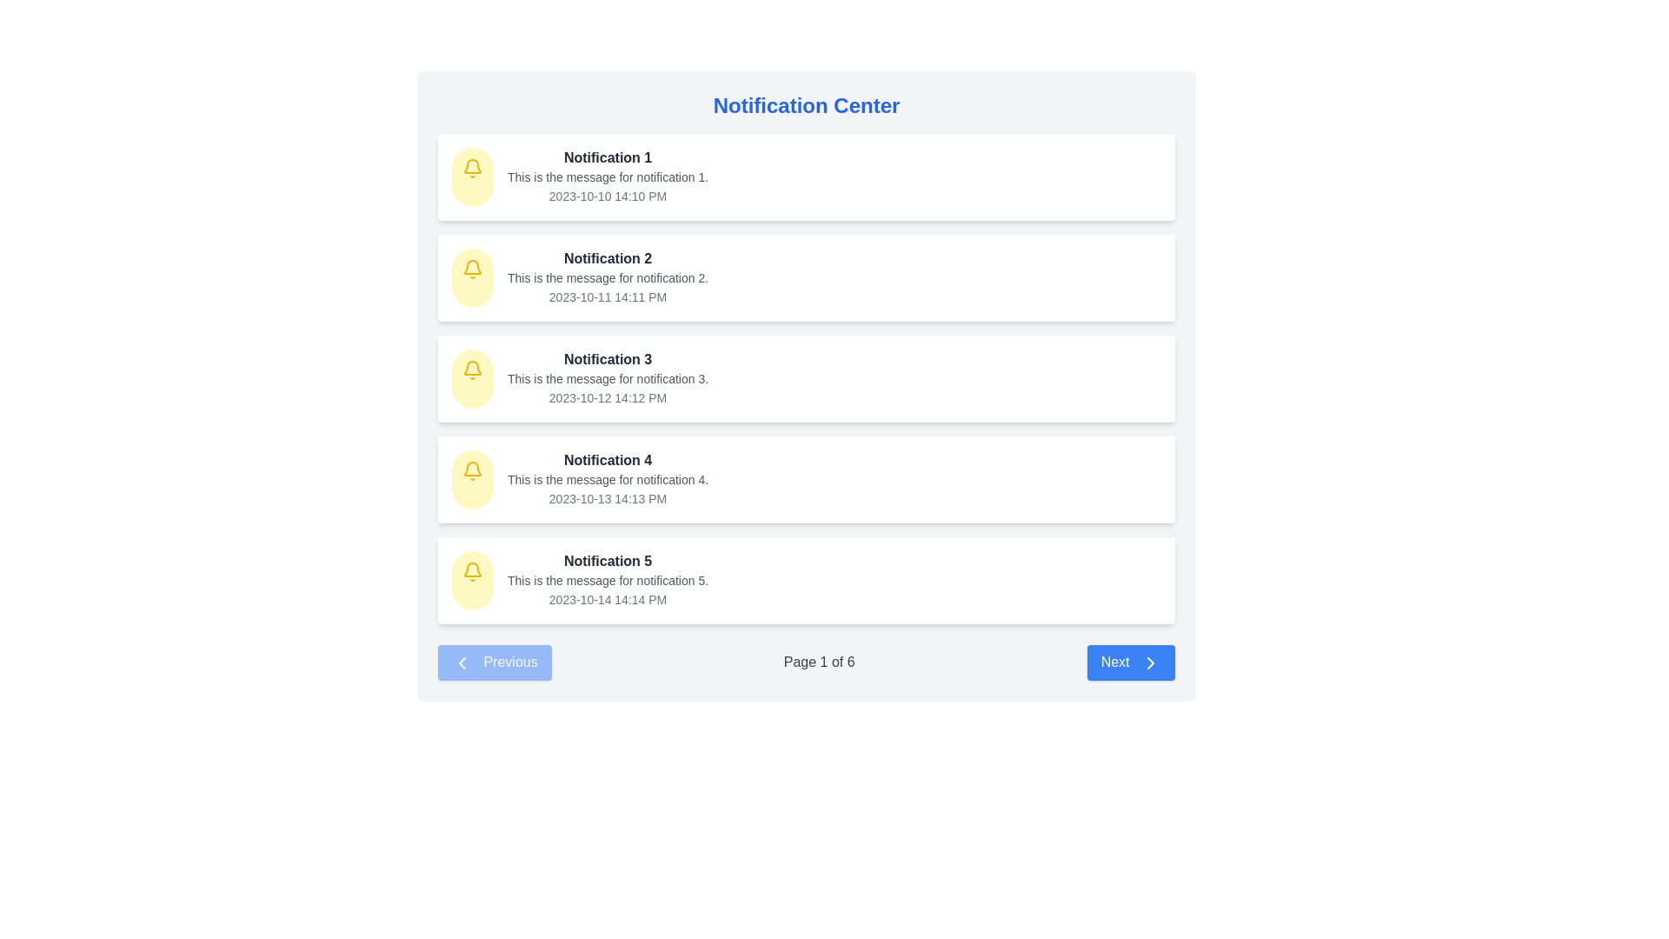 Image resolution: width=1669 pixels, height=939 pixels. I want to click on the text label displaying 'Notification 3' in bold dark gray font, which is the title of the third notification card, so click(608, 358).